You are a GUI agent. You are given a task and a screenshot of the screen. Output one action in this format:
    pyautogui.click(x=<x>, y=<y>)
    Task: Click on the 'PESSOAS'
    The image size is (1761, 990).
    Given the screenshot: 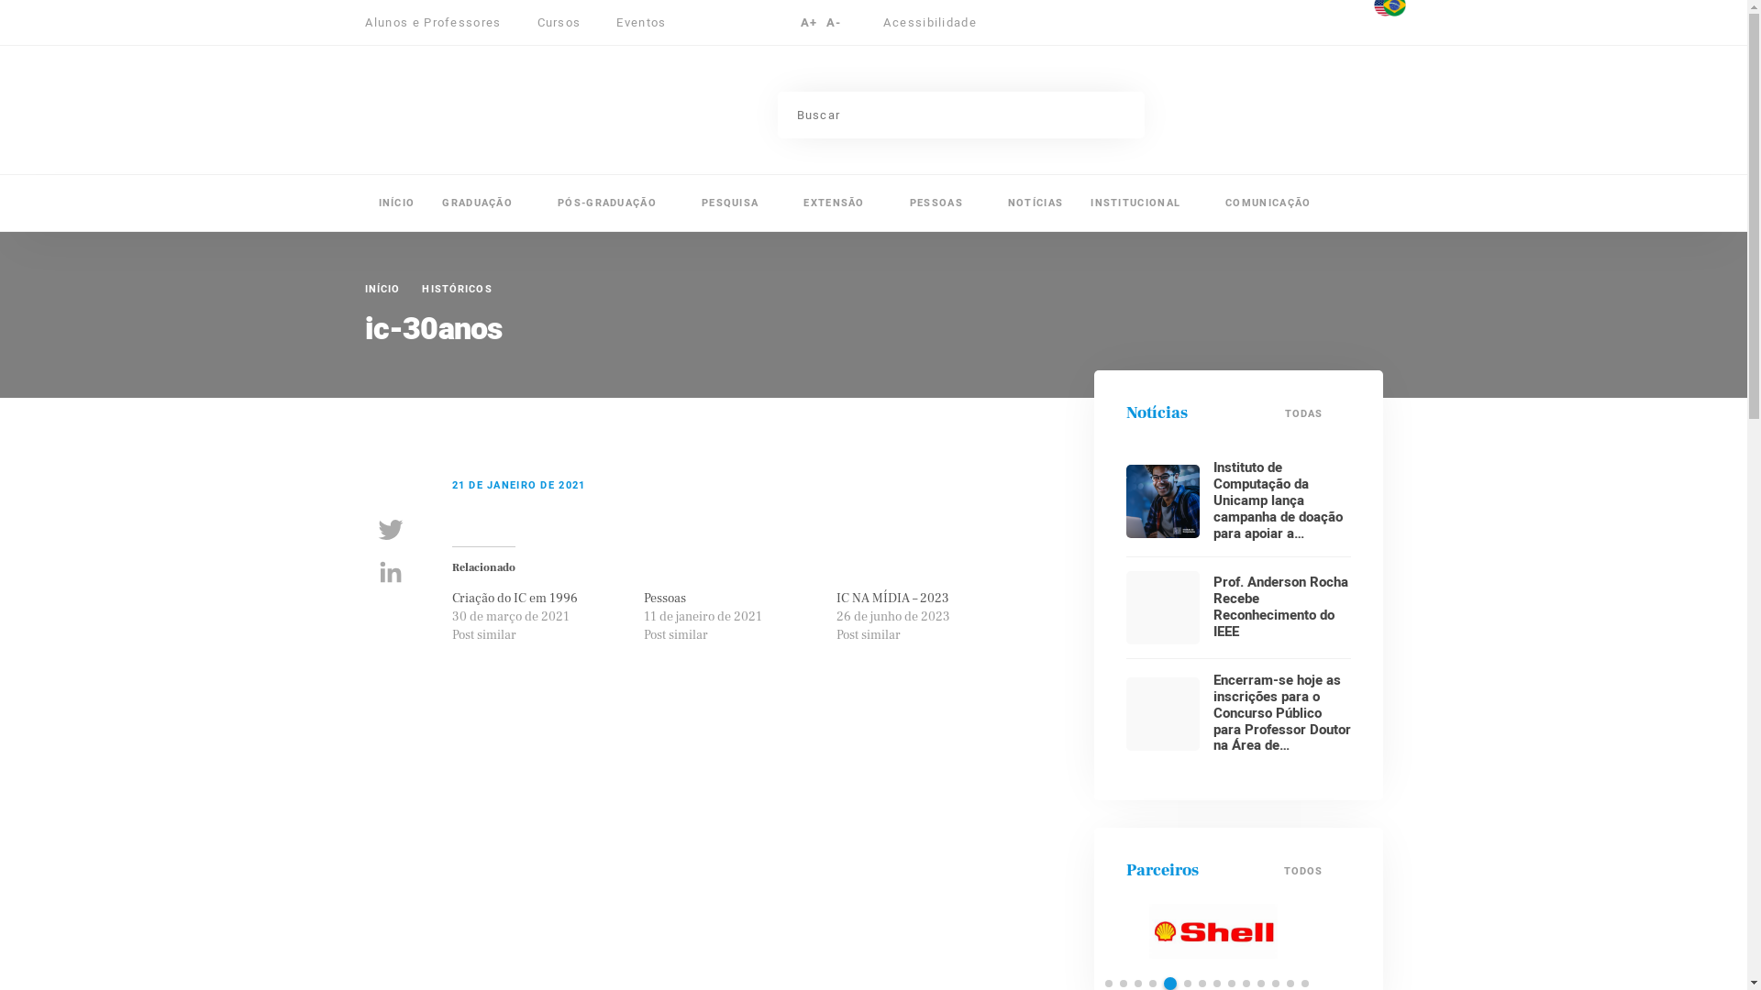 What is the action you would take?
    pyautogui.click(x=945, y=203)
    